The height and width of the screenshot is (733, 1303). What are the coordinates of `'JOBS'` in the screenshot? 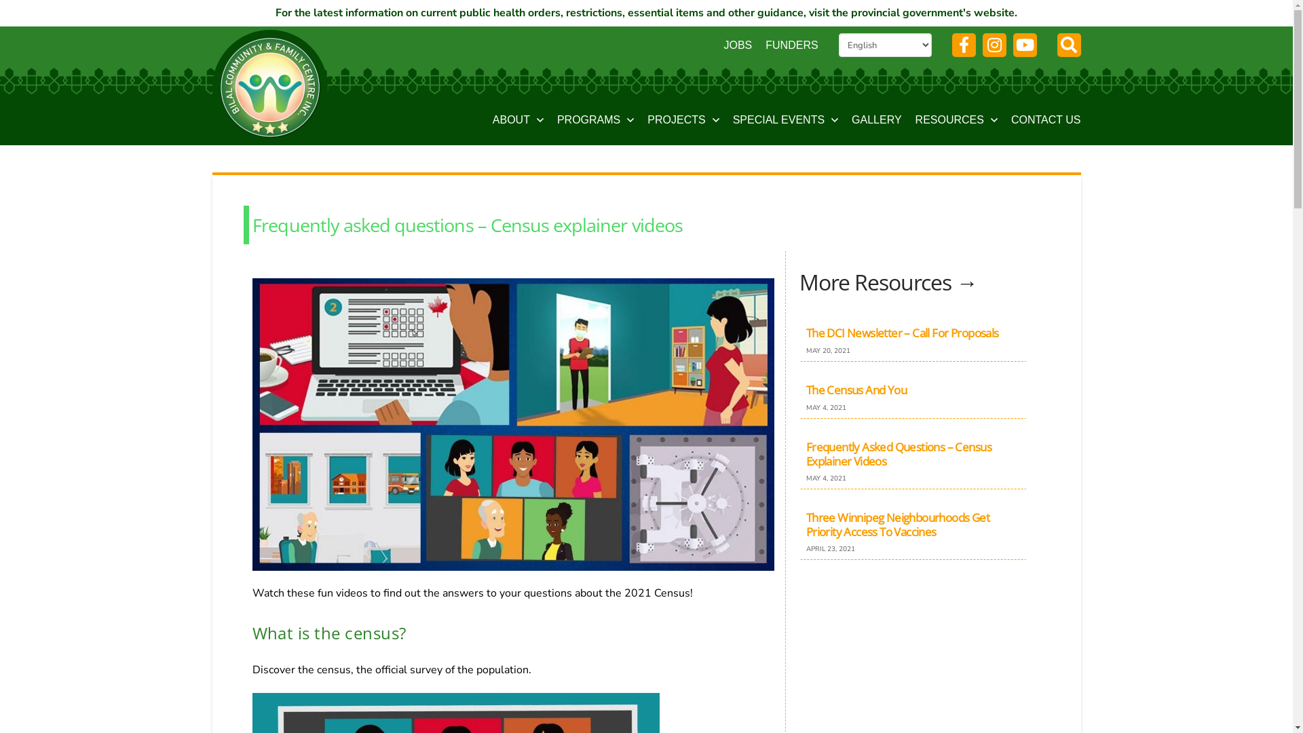 It's located at (736, 44).